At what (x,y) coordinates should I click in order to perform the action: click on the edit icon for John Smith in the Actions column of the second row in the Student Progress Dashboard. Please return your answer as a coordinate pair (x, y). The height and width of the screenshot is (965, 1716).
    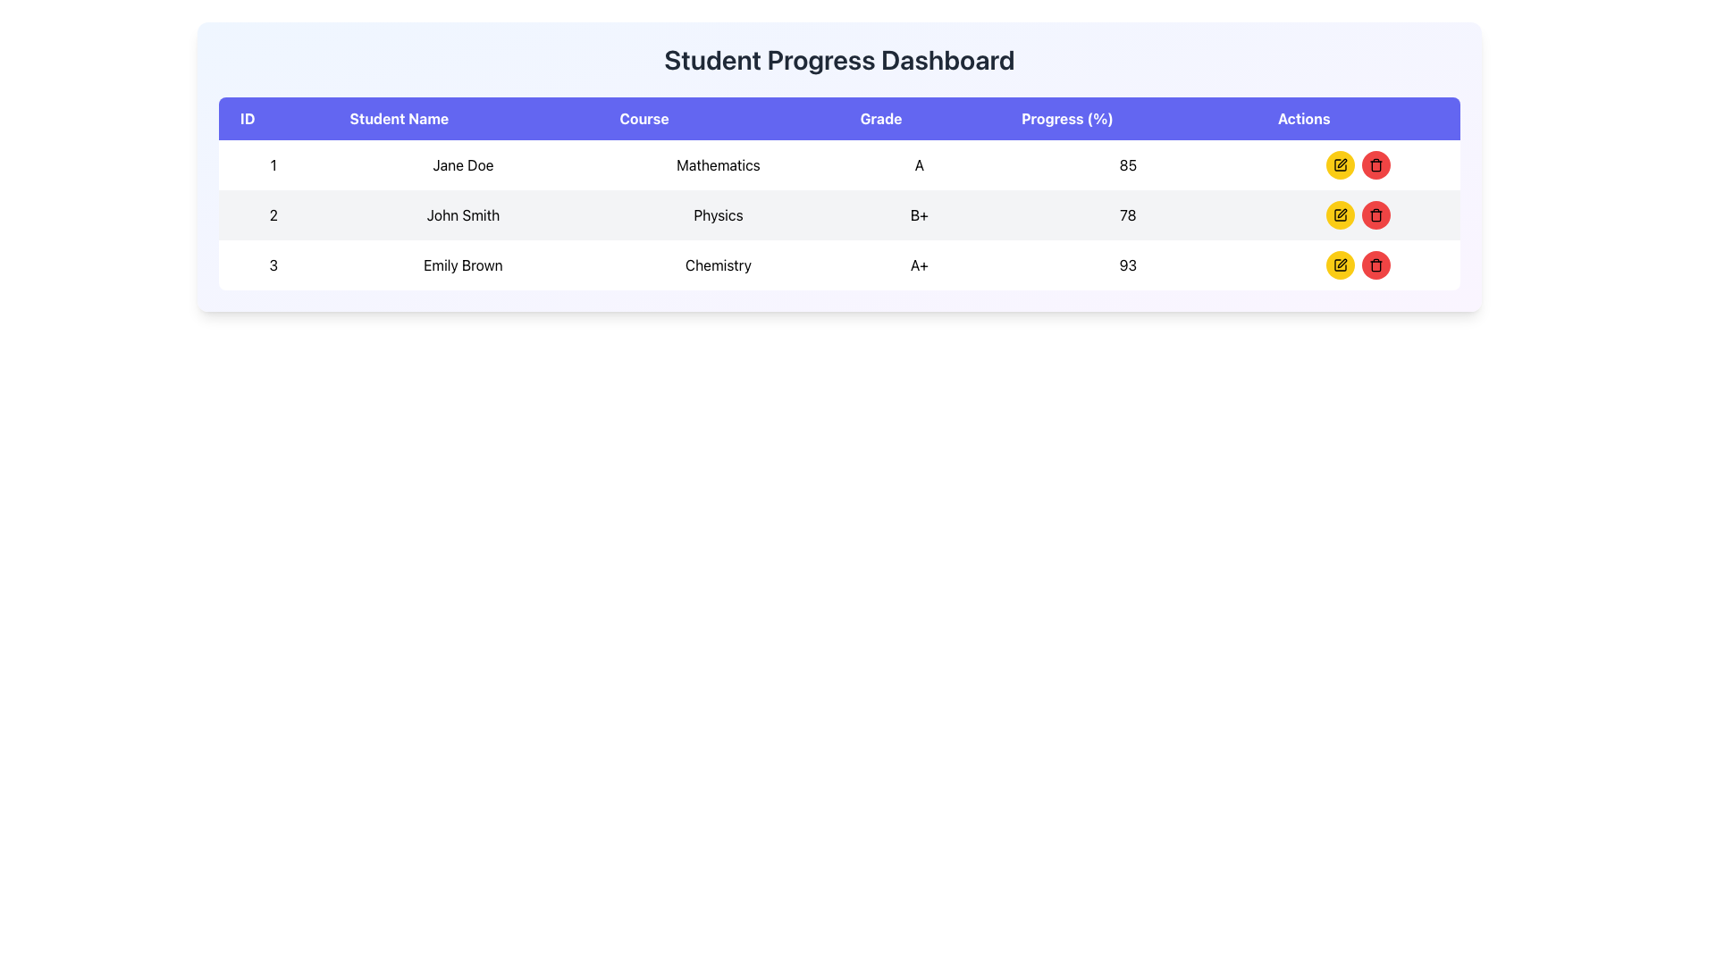
    Looking at the image, I should click on (1342, 213).